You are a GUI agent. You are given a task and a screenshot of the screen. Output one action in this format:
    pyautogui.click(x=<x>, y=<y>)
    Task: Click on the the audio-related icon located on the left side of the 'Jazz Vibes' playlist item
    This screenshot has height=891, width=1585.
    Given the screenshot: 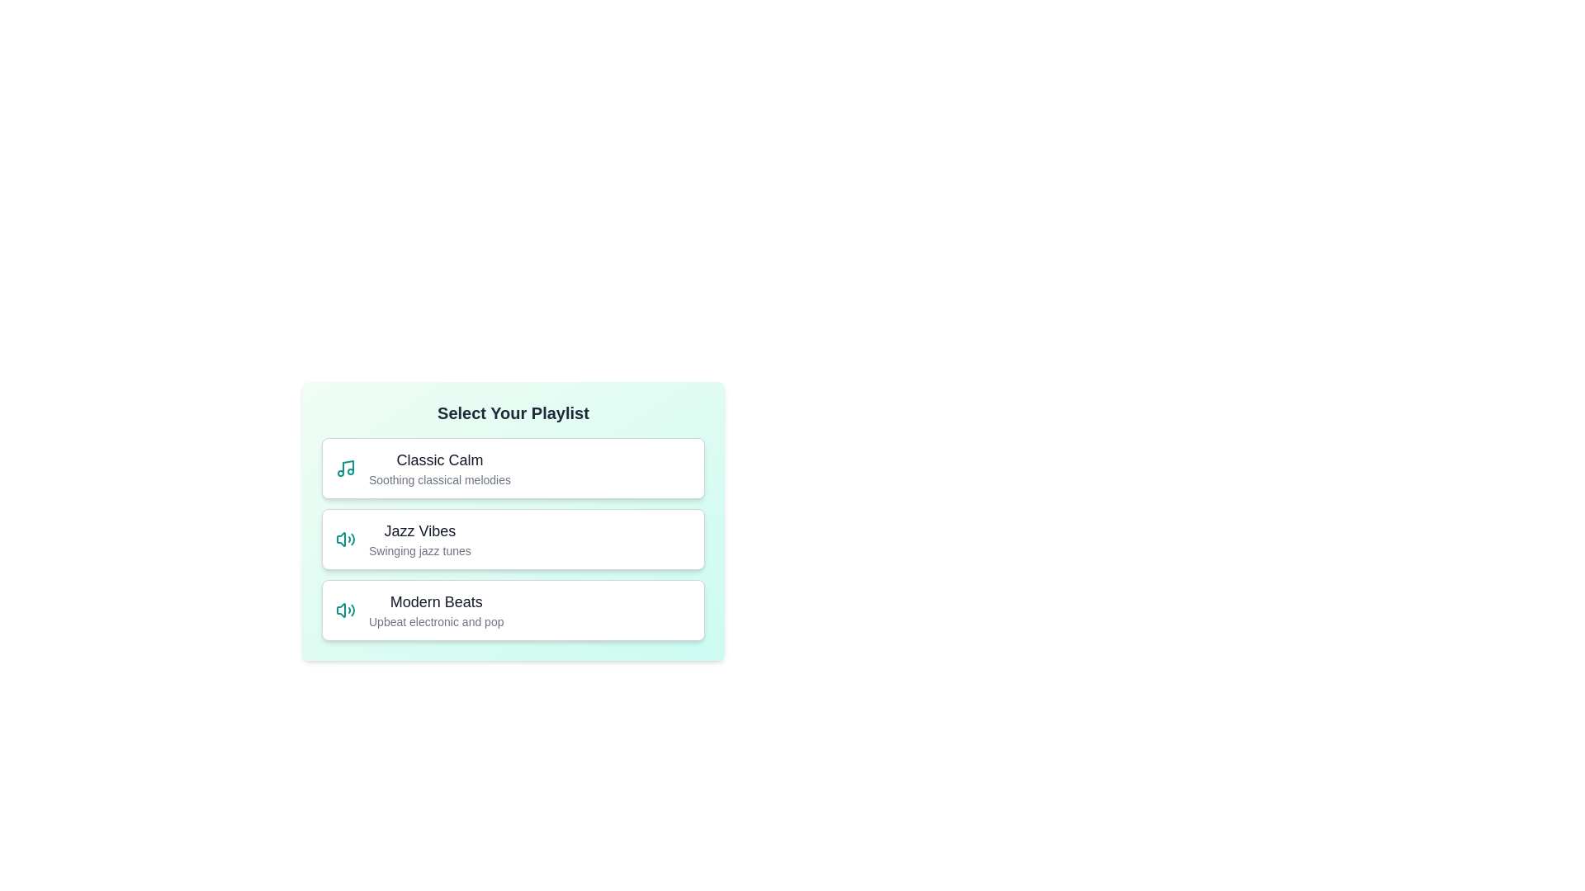 What is the action you would take?
    pyautogui.click(x=344, y=540)
    